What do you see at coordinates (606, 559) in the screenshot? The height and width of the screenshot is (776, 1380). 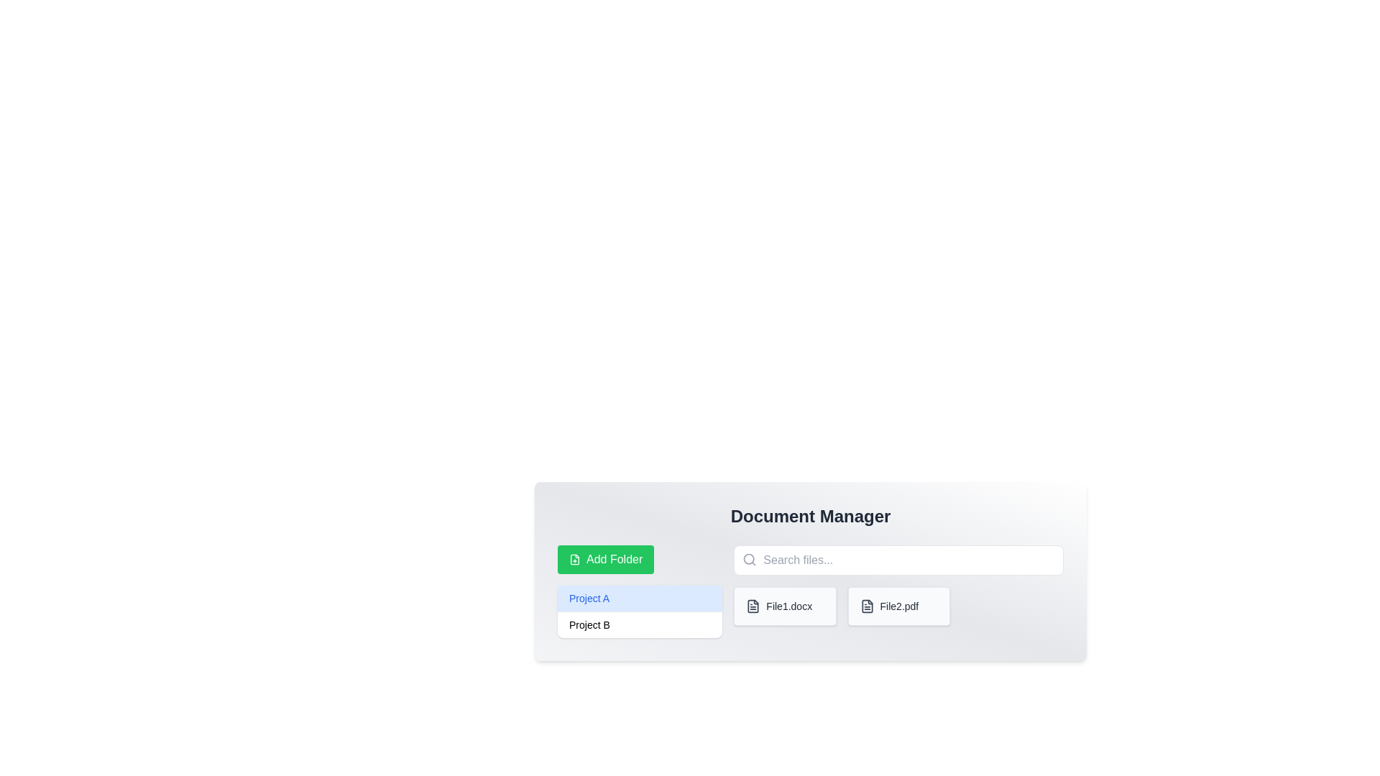 I see `the 'Add Folder' button with a green background and white text to create a new folder` at bounding box center [606, 559].